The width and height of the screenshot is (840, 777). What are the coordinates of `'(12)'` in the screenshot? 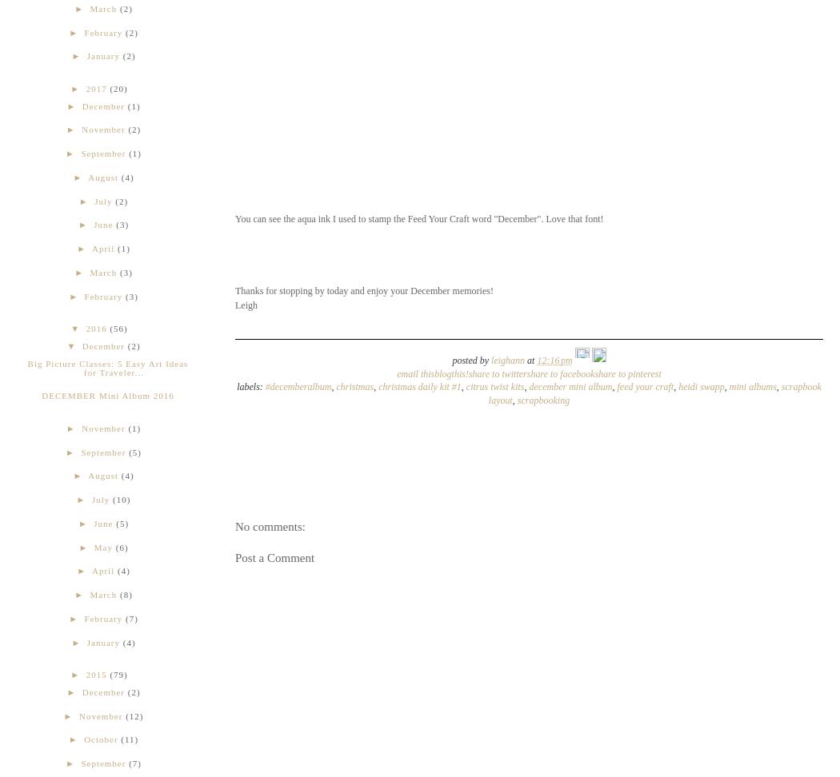 It's located at (134, 715).